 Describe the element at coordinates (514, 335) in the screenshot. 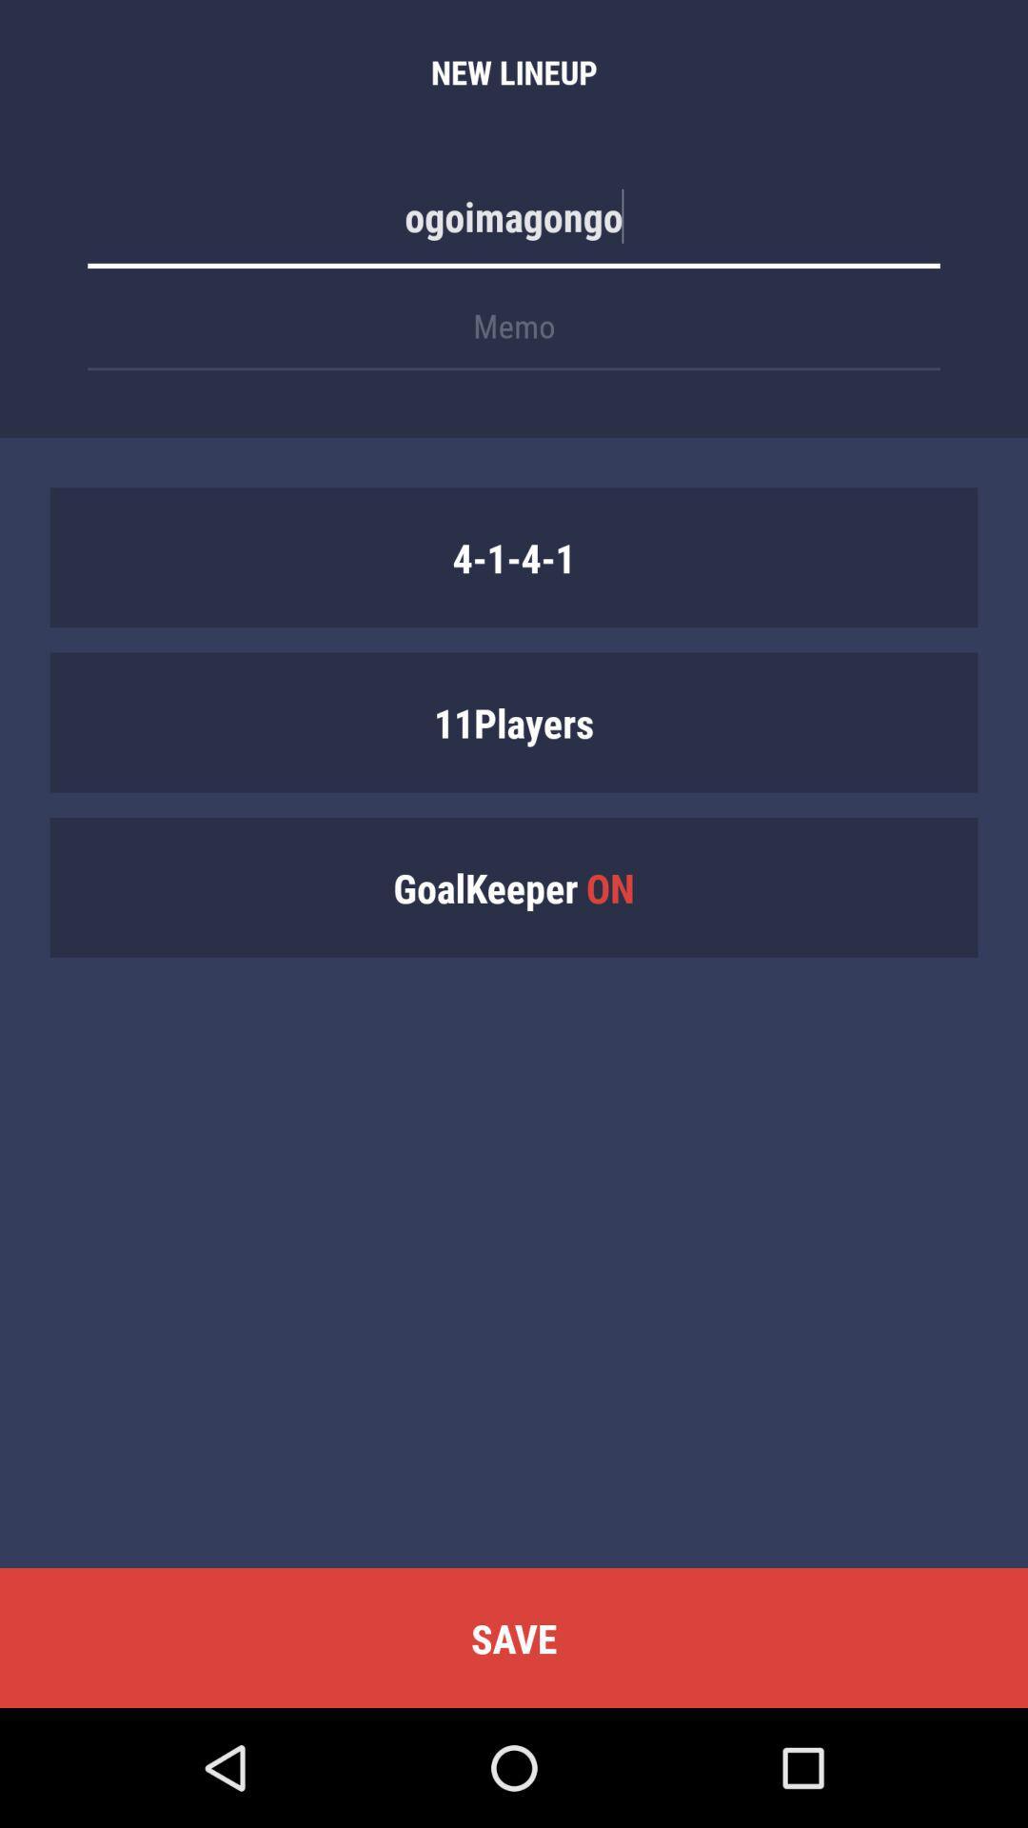

I see `item above 4 1 4 item` at that location.